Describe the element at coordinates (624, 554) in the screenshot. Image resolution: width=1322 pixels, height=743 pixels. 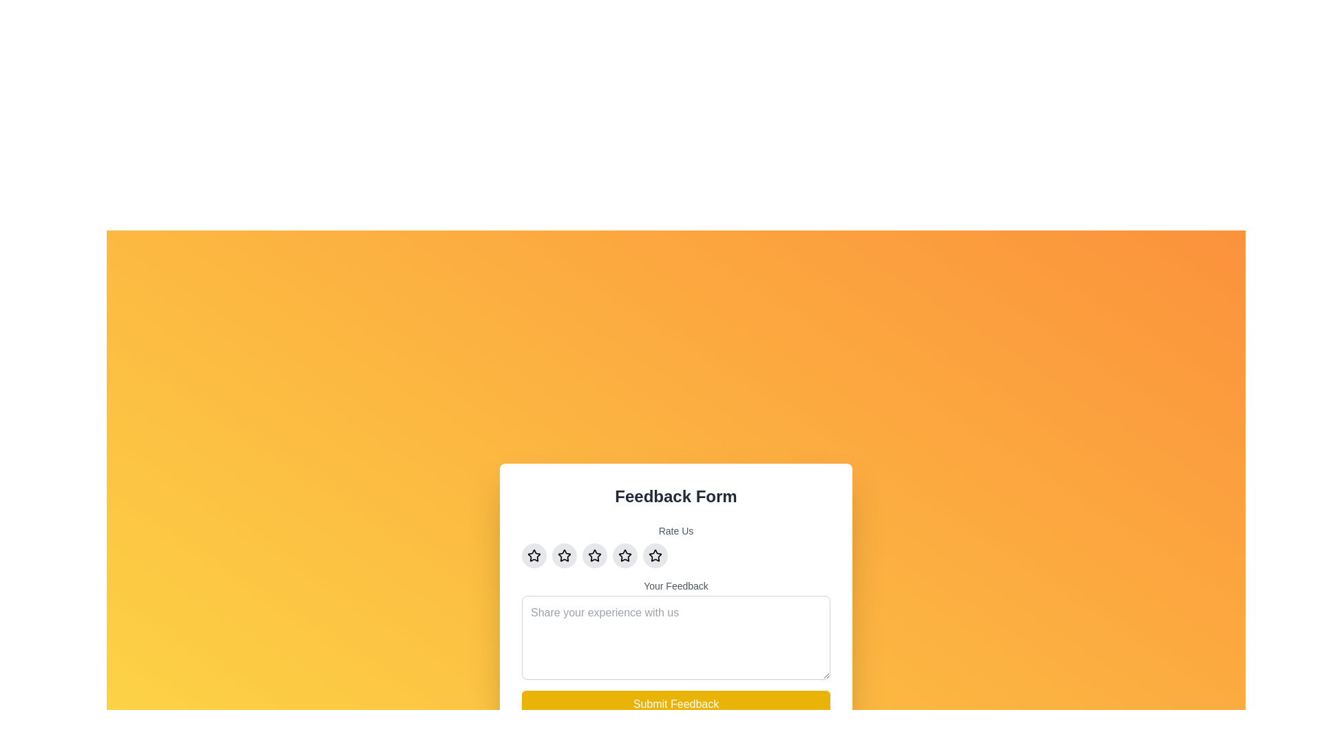
I see `the star icon button` at that location.